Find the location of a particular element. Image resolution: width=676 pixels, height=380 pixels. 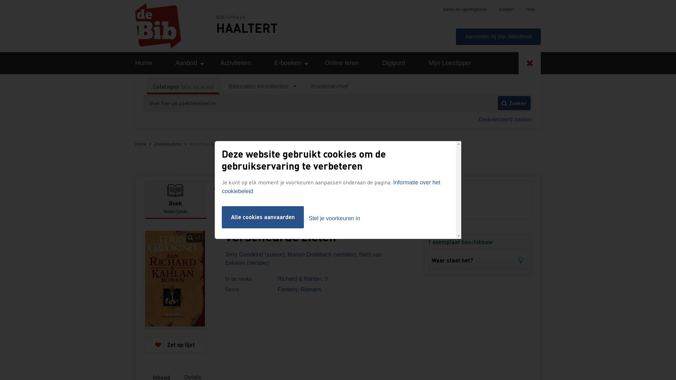

'Mijn Leestipper' is located at coordinates (449, 63).